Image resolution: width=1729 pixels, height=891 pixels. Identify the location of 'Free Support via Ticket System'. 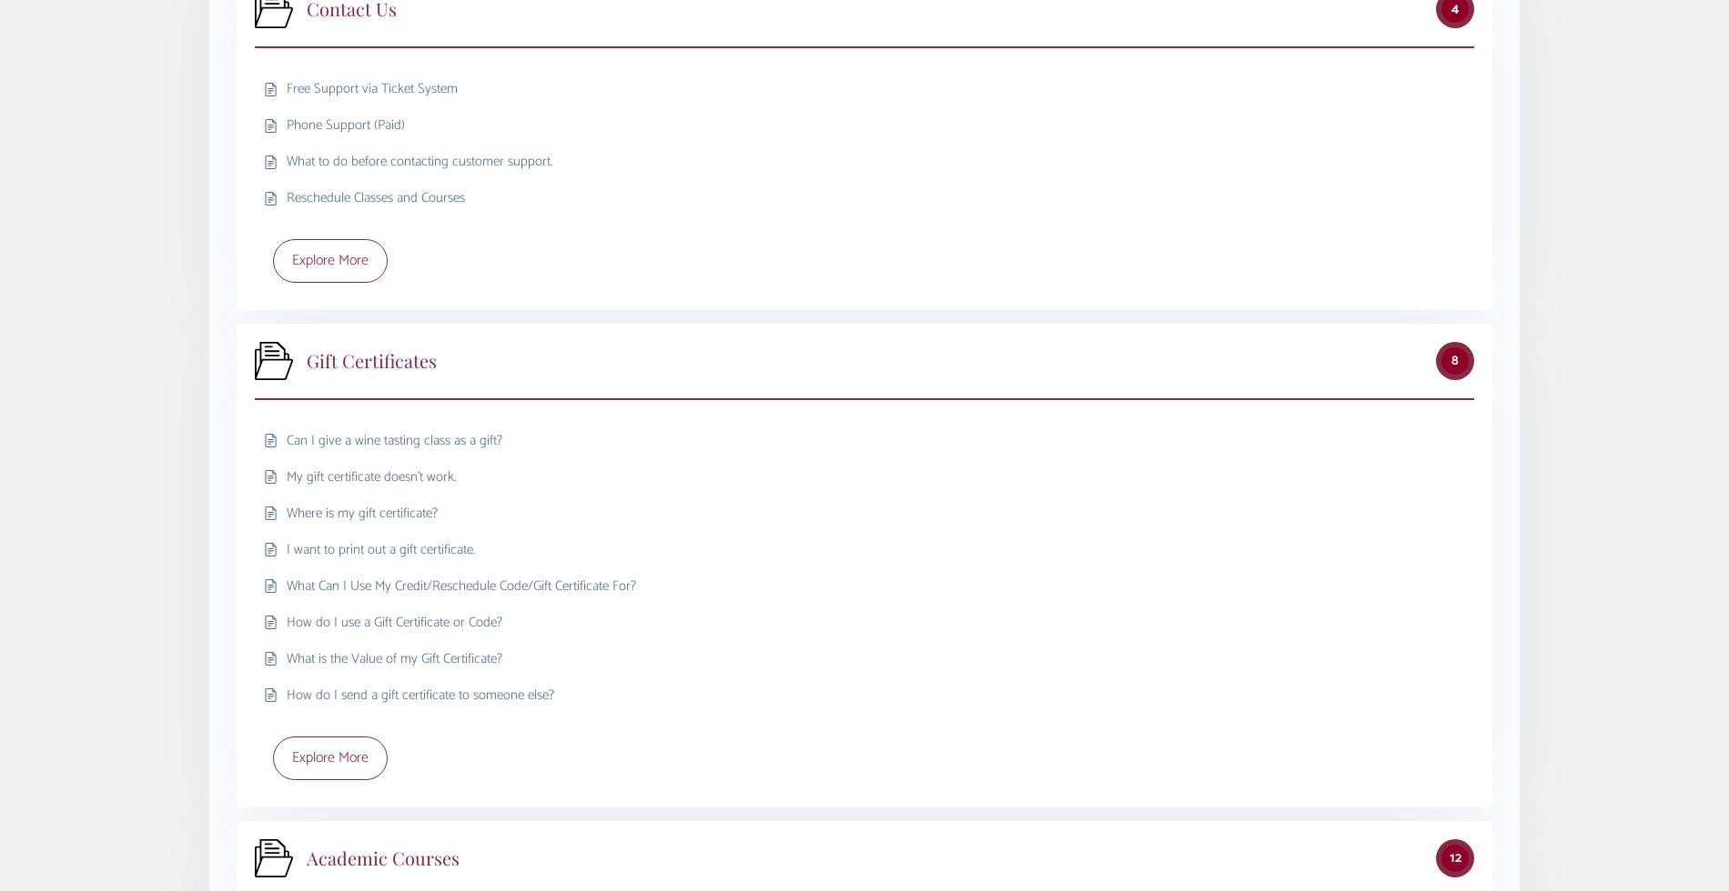
(371, 88).